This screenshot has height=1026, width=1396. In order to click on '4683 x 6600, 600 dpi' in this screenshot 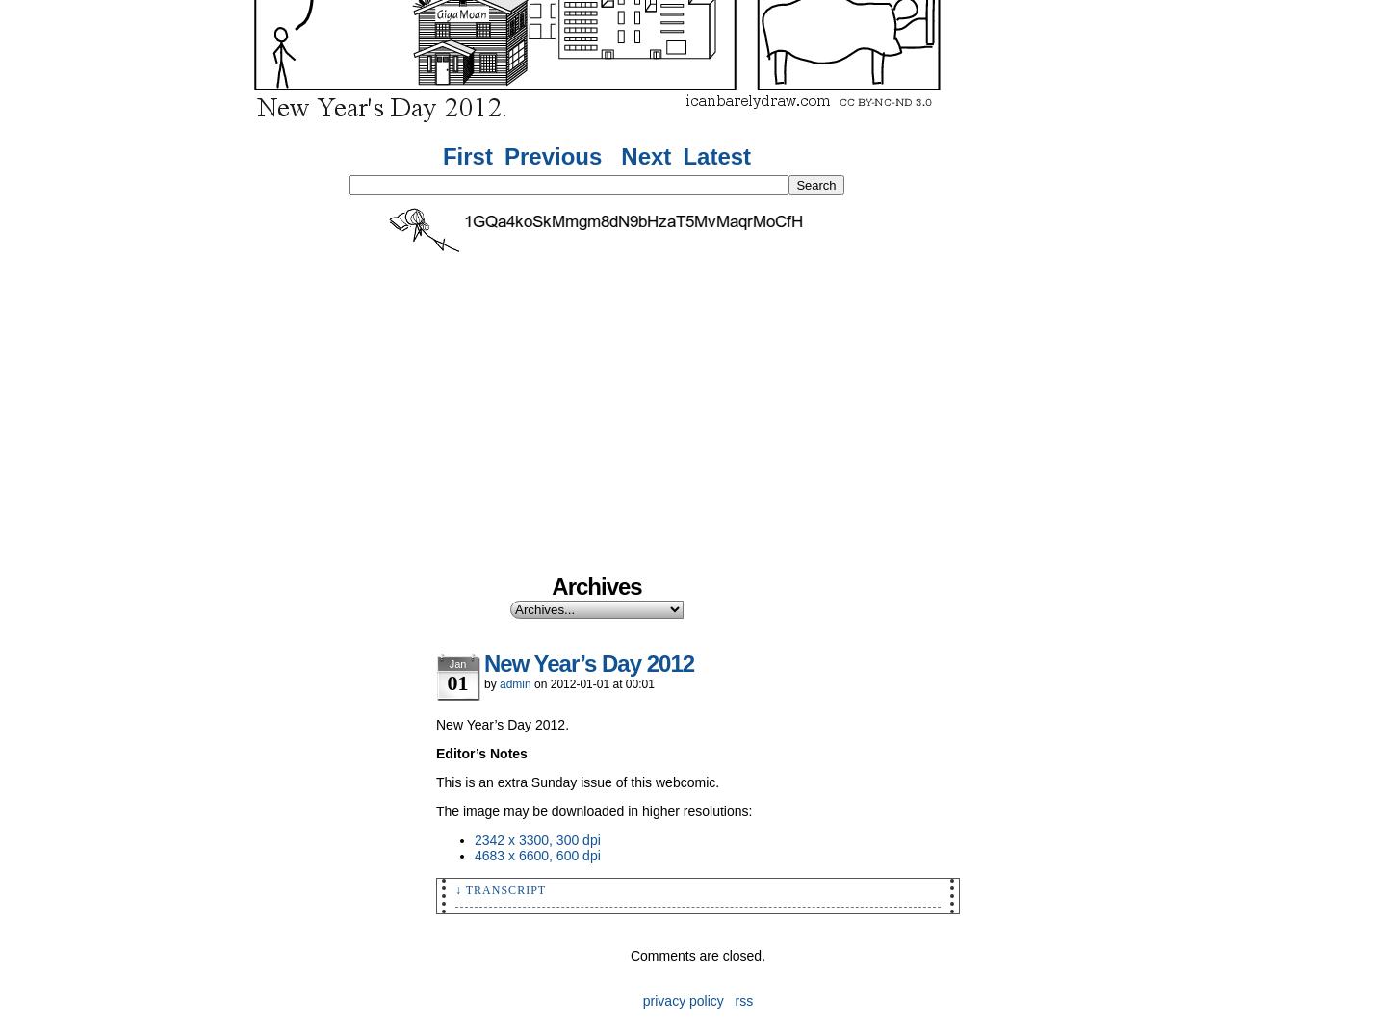, I will do `click(536, 856)`.